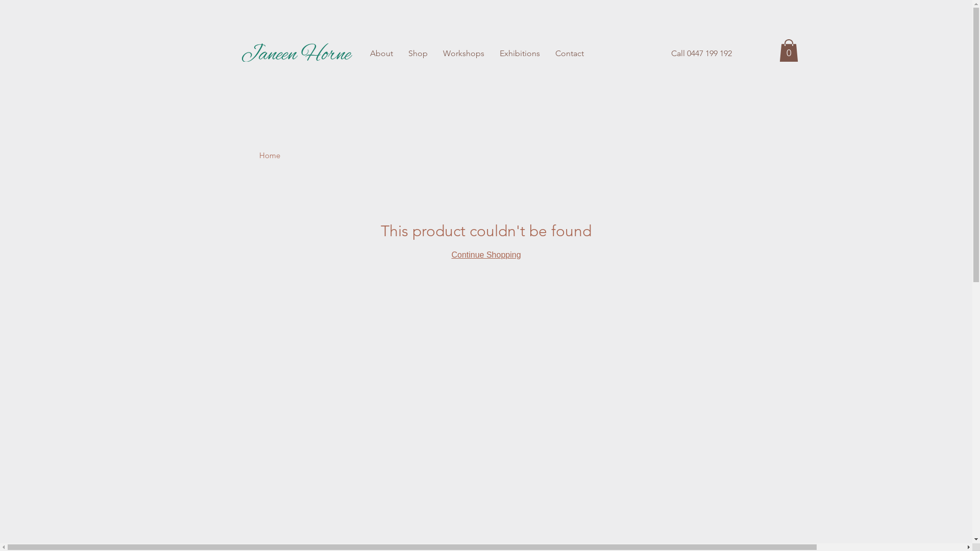  I want to click on 'Continue Shopping', so click(485, 254).